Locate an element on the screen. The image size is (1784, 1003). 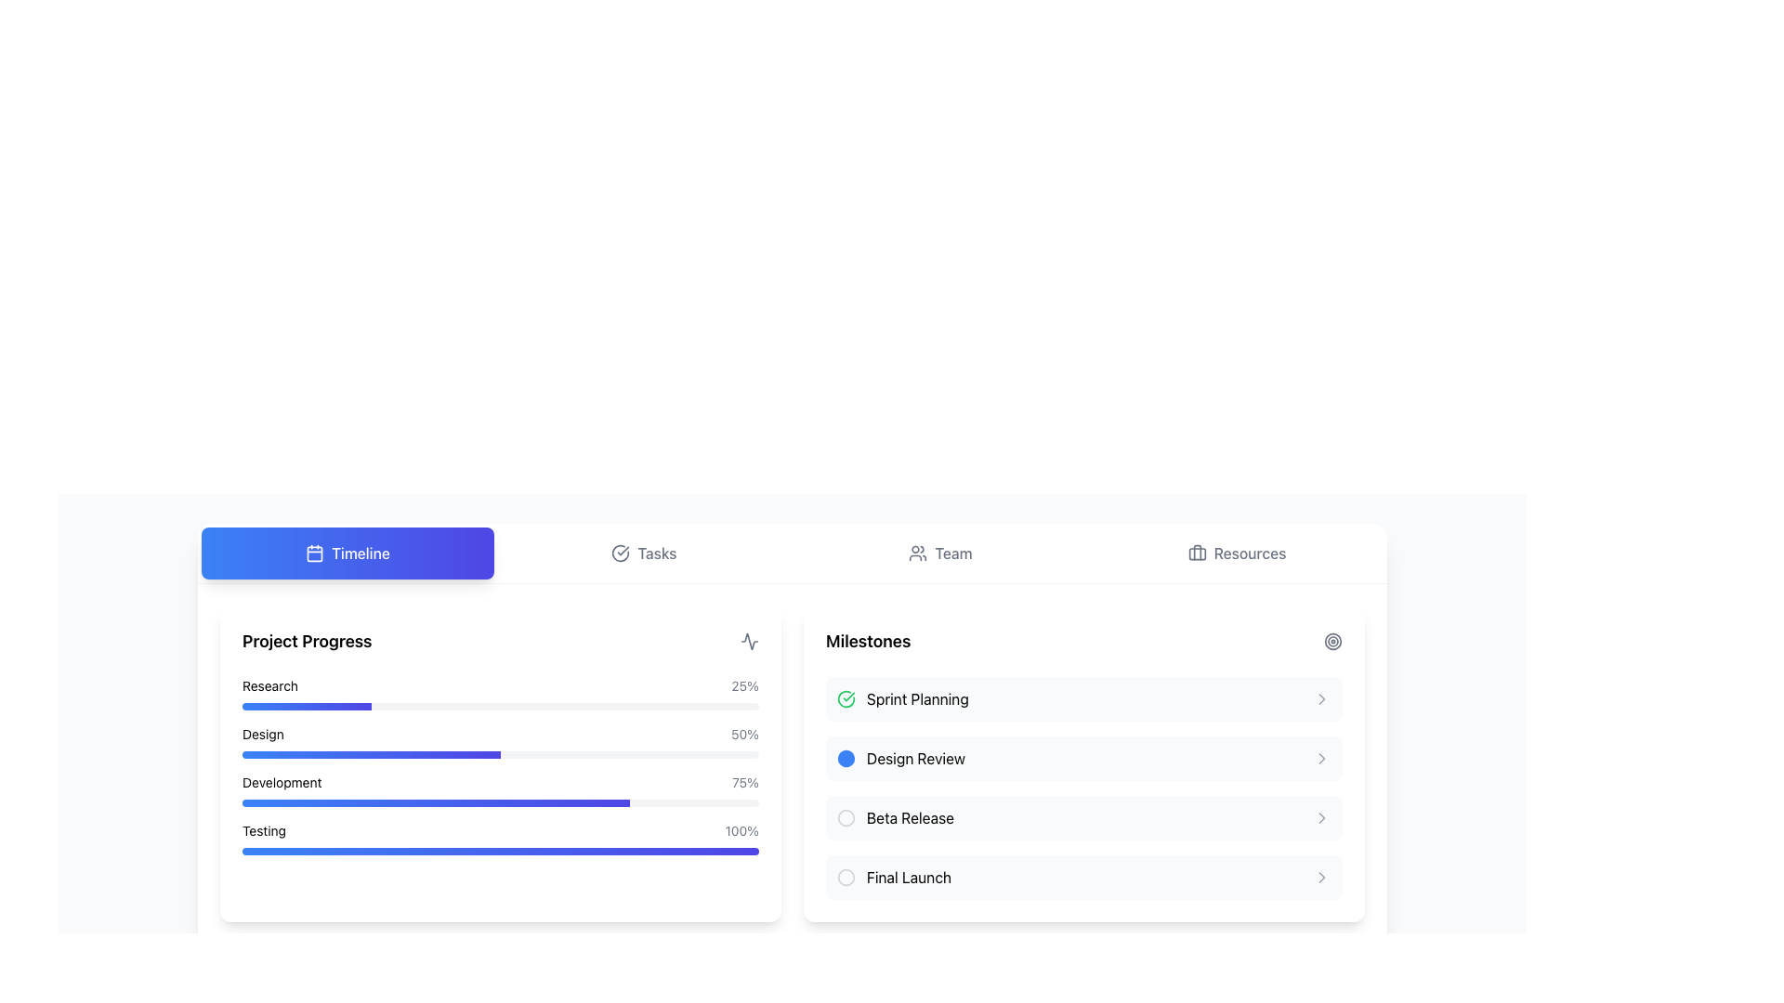
associated text label of the Circle indicator for the 'Design Review' milestone, which is the second item in the Milestones section is located at coordinates (846, 759).